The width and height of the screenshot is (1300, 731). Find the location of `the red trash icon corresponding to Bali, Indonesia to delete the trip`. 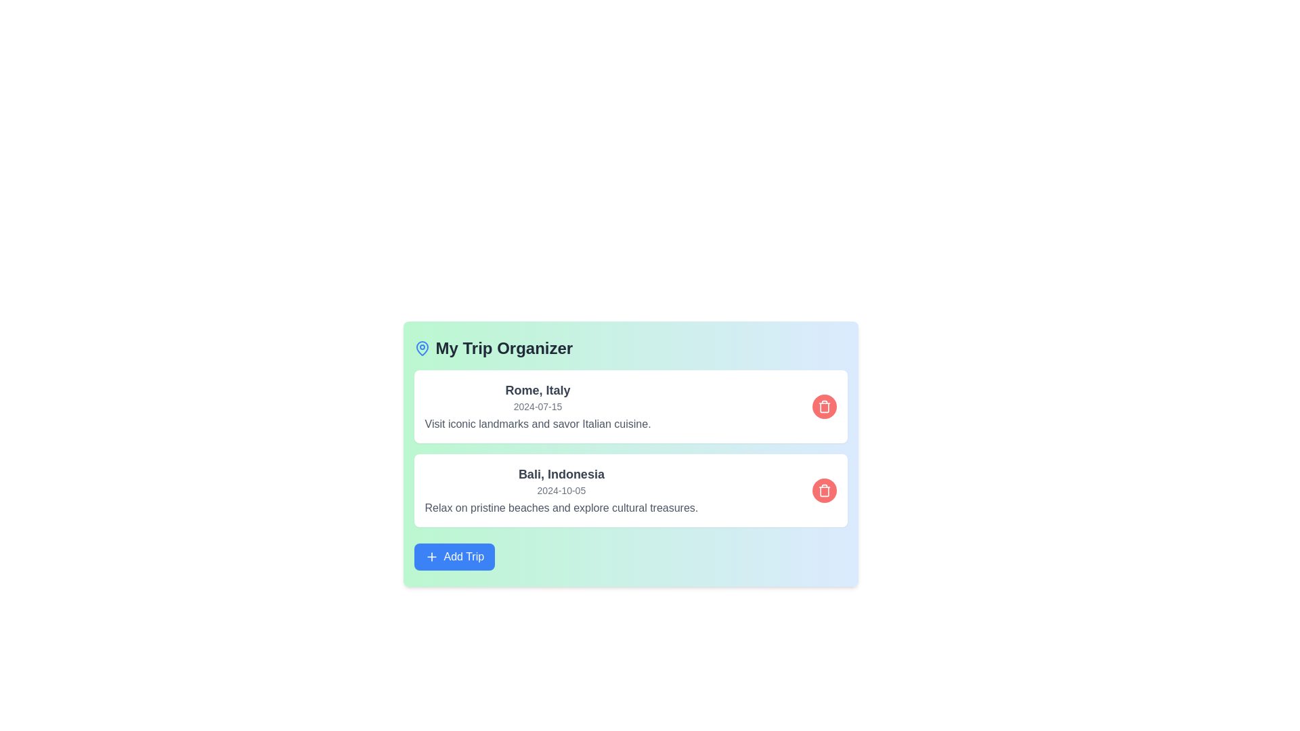

the red trash icon corresponding to Bali, Indonesia to delete the trip is located at coordinates (823, 491).